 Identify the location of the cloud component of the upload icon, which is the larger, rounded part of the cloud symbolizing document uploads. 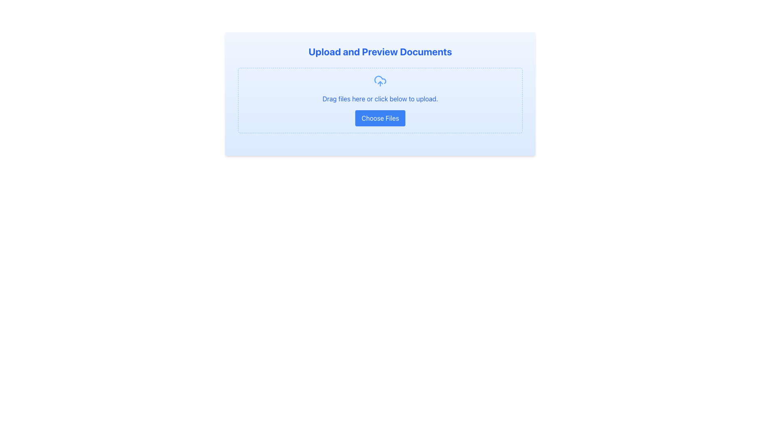
(380, 80).